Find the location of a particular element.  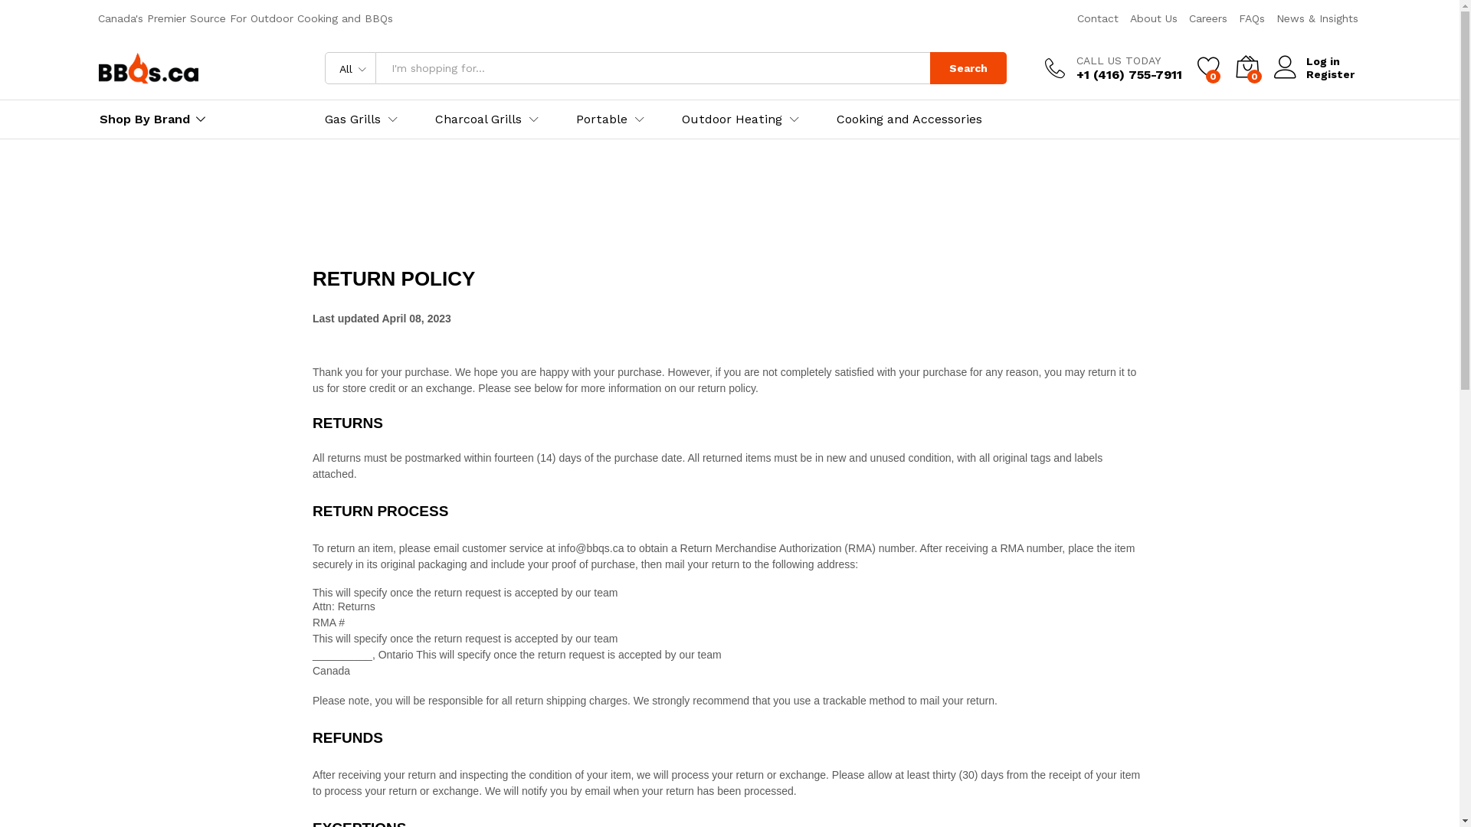

'Portable' is located at coordinates (601, 118).